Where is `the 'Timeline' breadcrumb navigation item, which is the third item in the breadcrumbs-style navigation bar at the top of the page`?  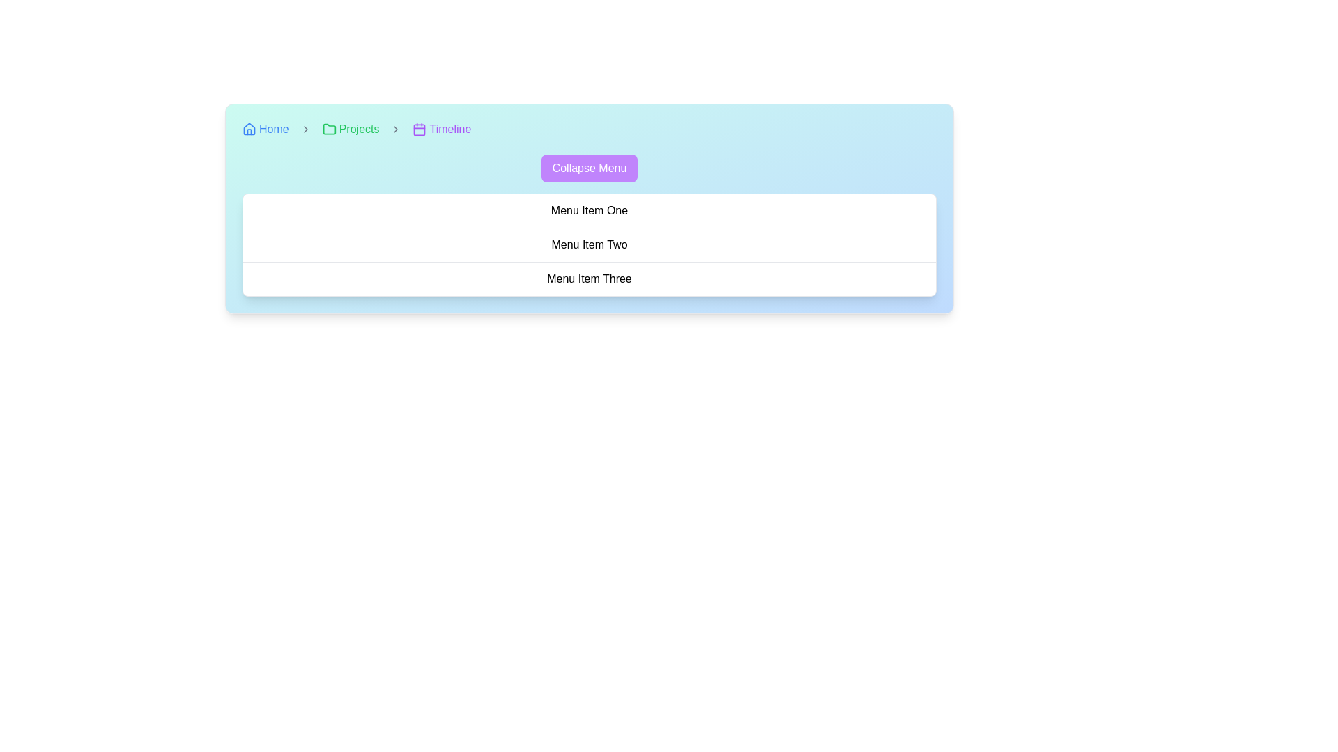
the 'Timeline' breadcrumb navigation item, which is the third item in the breadcrumbs-style navigation bar at the top of the page is located at coordinates (441, 129).